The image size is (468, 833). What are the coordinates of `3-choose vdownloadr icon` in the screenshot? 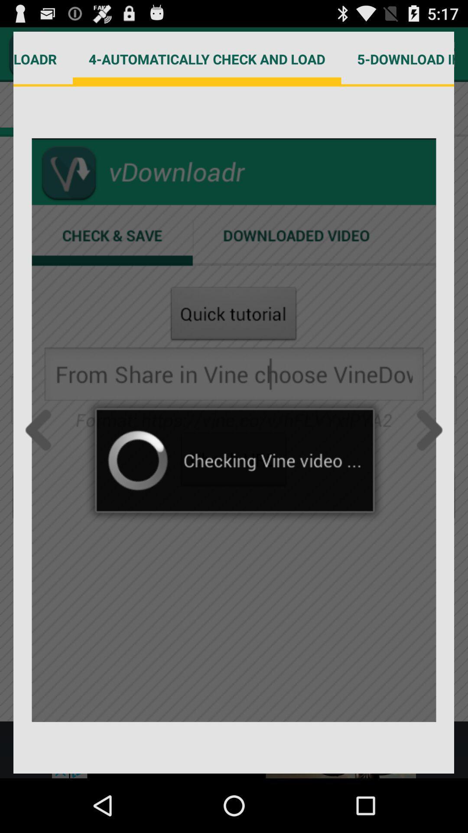 It's located at (43, 59).